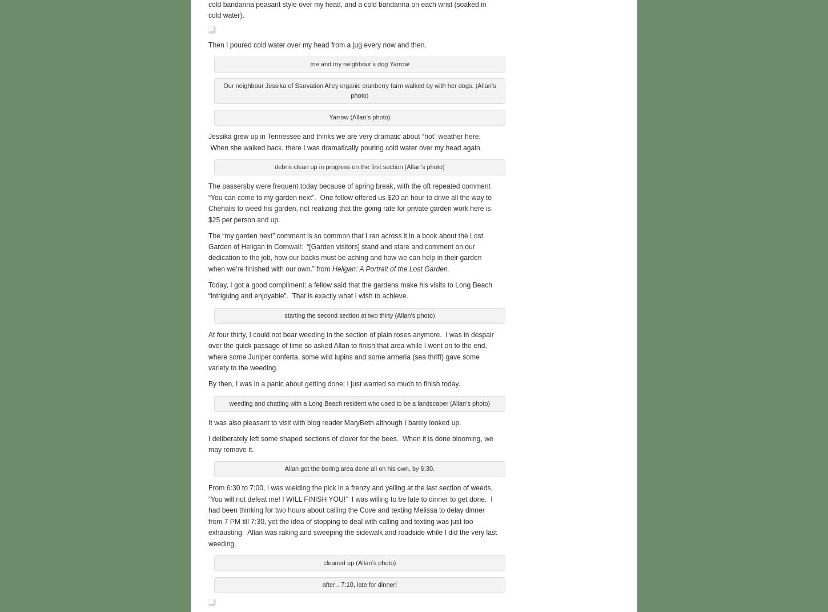  I want to click on 'Yarrow (Allan’s photo)', so click(359, 115).